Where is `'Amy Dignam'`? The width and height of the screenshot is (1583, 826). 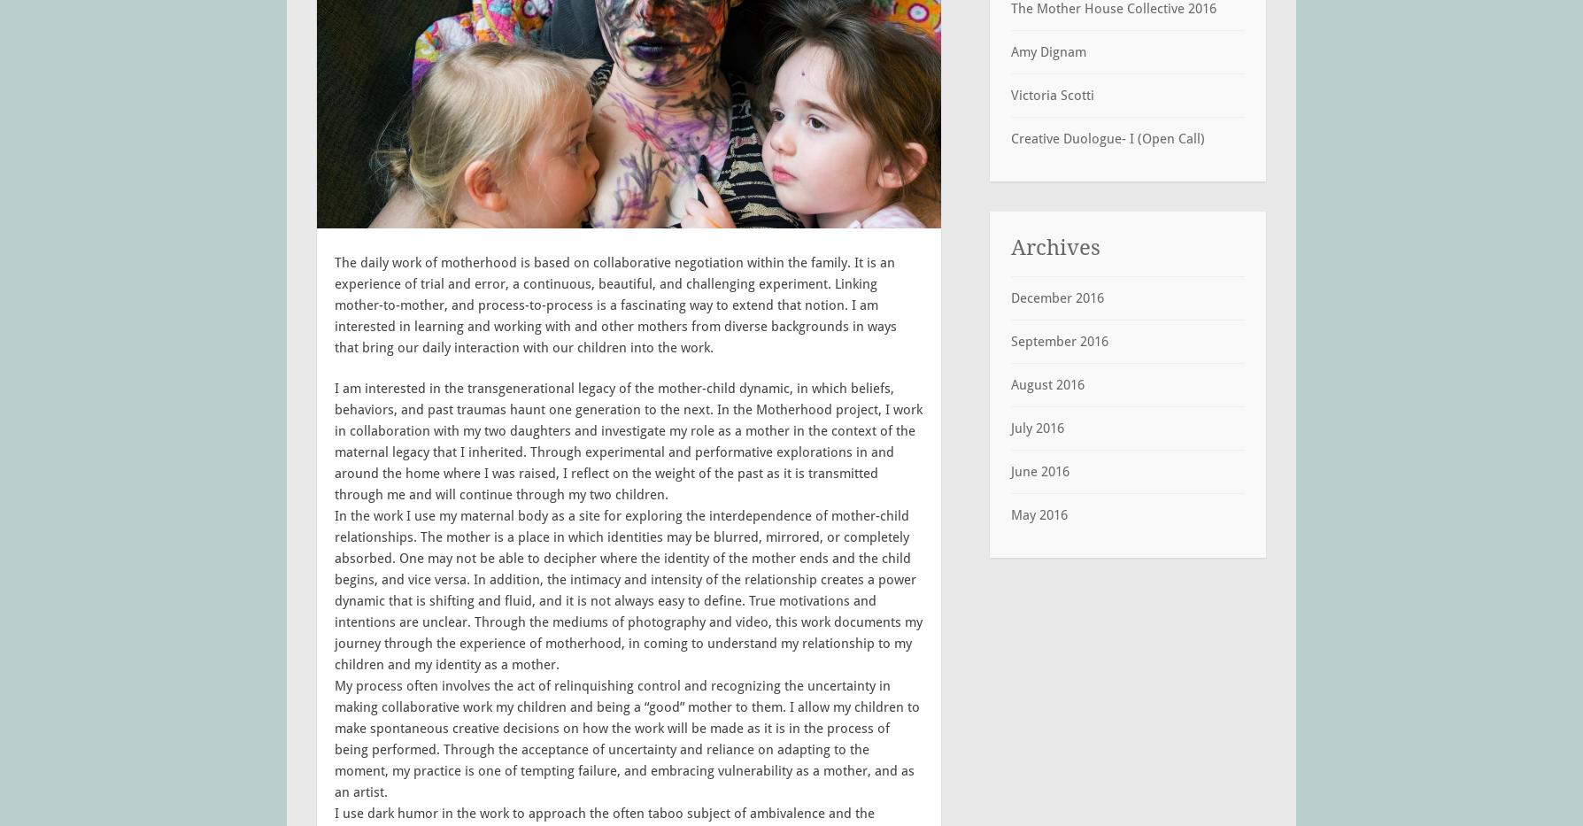
'Amy Dignam' is located at coordinates (1047, 51).